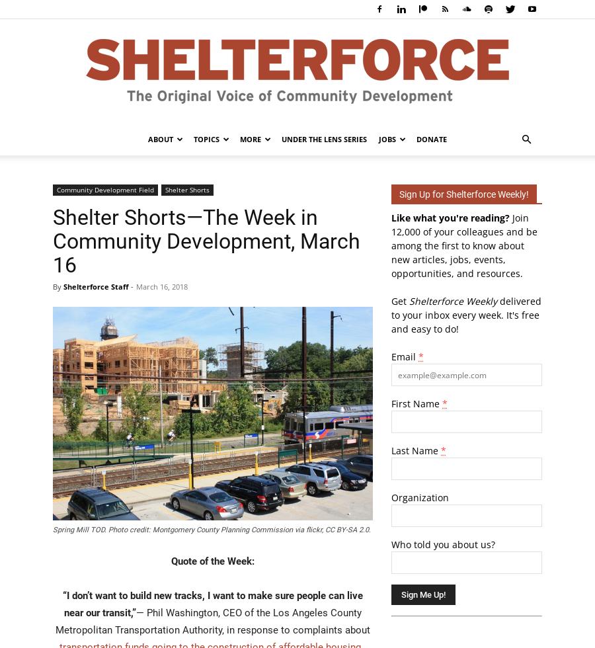  I want to click on 'Last Name', so click(416, 450).